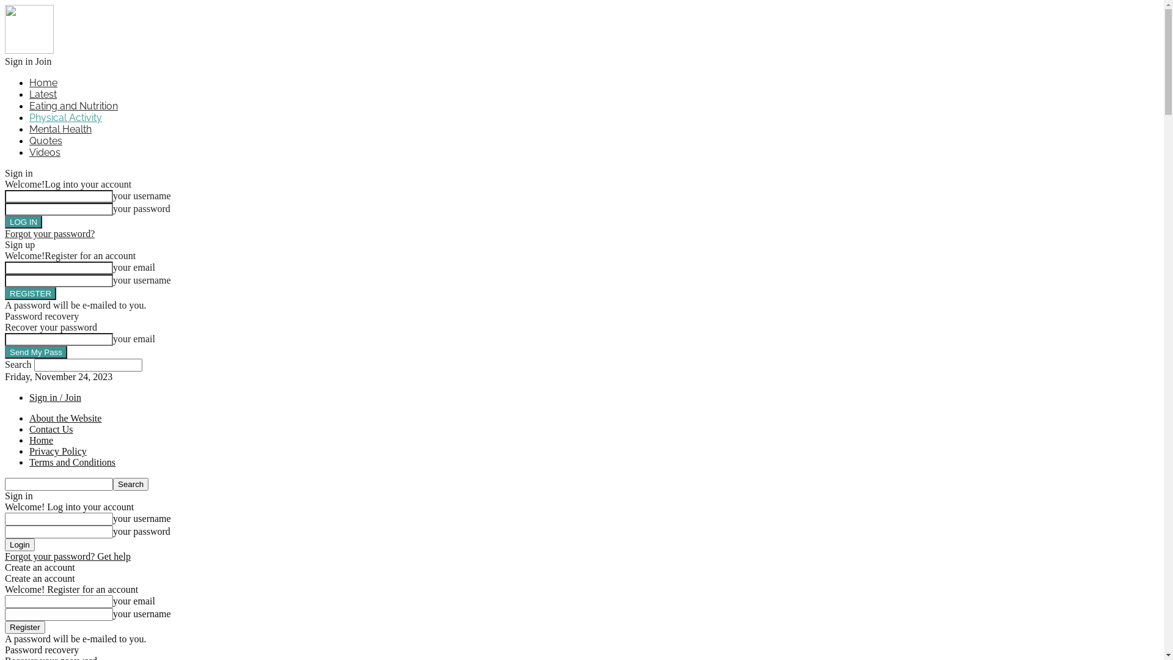  Describe the element at coordinates (65, 117) in the screenshot. I see `'Physical Activity'` at that location.